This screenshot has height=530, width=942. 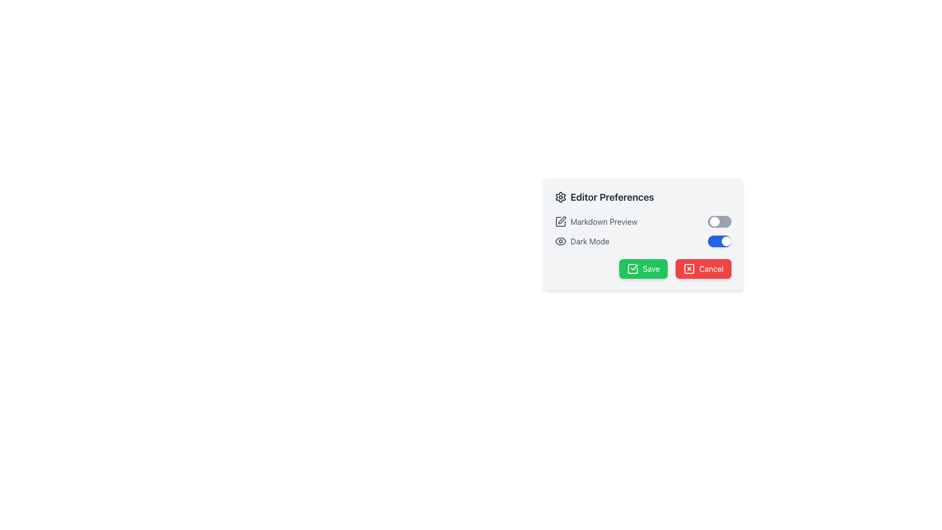 What do you see at coordinates (604, 197) in the screenshot?
I see `the 'Editor Preferences' header title, which is styled in bold and is located at the top-left corner of the modal interface, next to a gear icon` at bounding box center [604, 197].